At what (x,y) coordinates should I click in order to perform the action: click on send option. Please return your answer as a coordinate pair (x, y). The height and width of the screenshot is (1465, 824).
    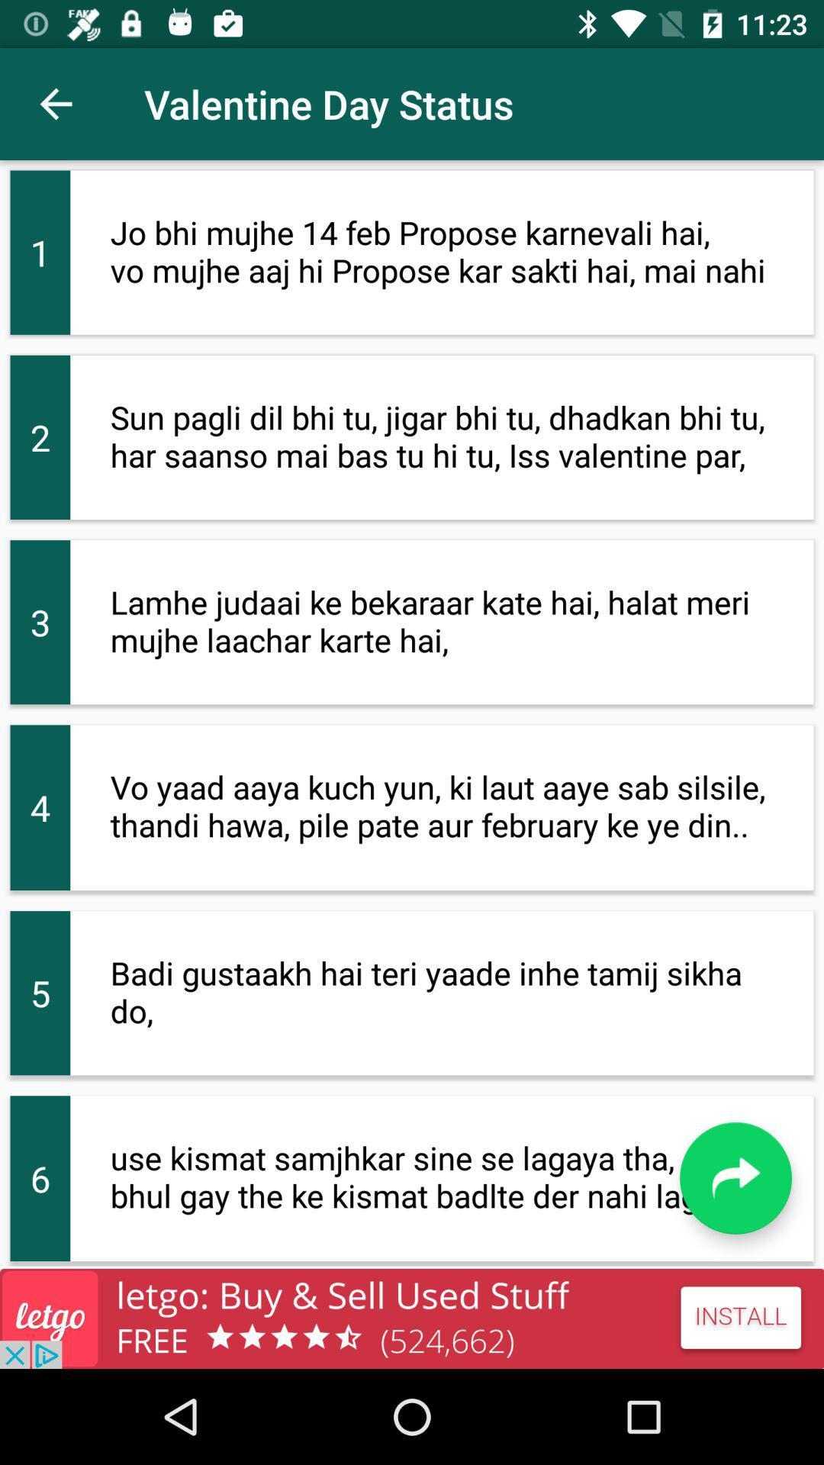
    Looking at the image, I should click on (735, 1177).